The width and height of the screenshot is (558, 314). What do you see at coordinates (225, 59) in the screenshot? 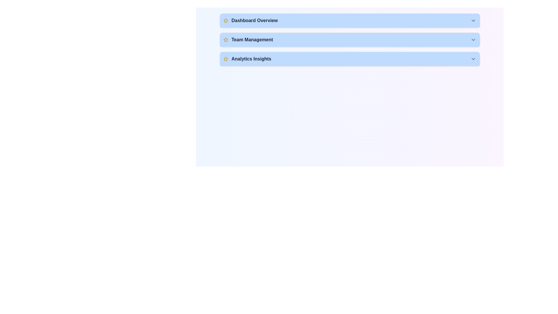
I see `the yellow star-shaped icon next to the 'Analytics Insights' text` at bounding box center [225, 59].